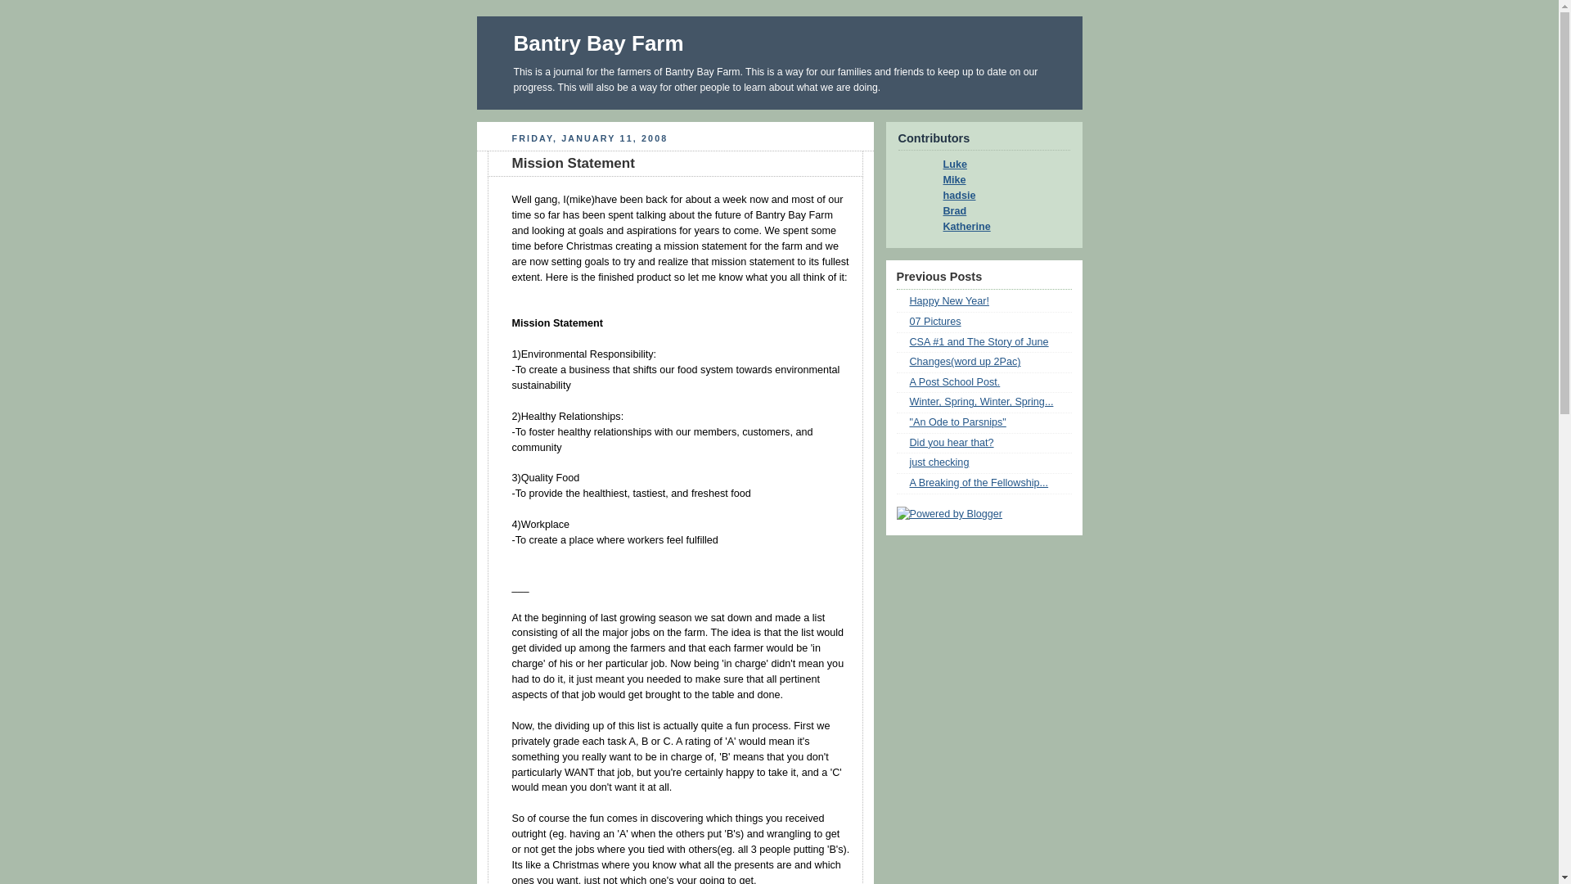  Describe the element at coordinates (909, 361) in the screenshot. I see `'Changes(word up 2Pac)'` at that location.